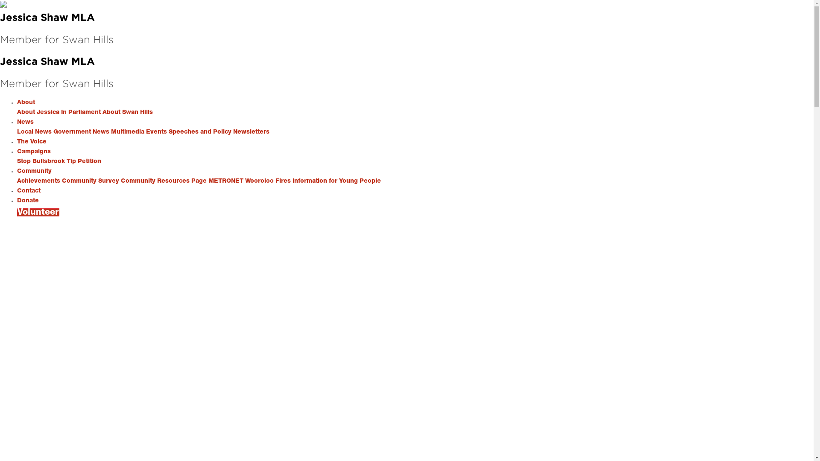  I want to click on 'Volunteer', so click(38, 212).